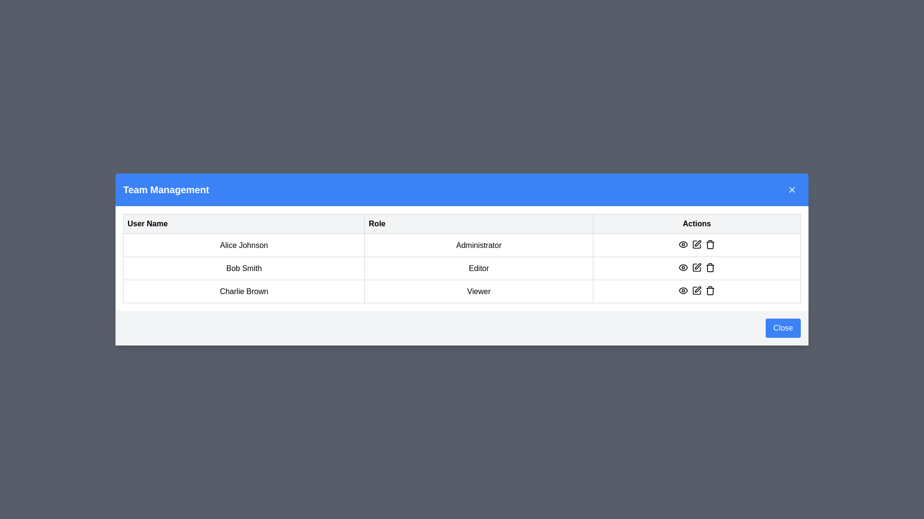 The image size is (924, 519). Describe the element at coordinates (697, 267) in the screenshot. I see `the edit button in the 'Actions' column of the second row to initiate the edit action for 'Bob Smith'` at that location.